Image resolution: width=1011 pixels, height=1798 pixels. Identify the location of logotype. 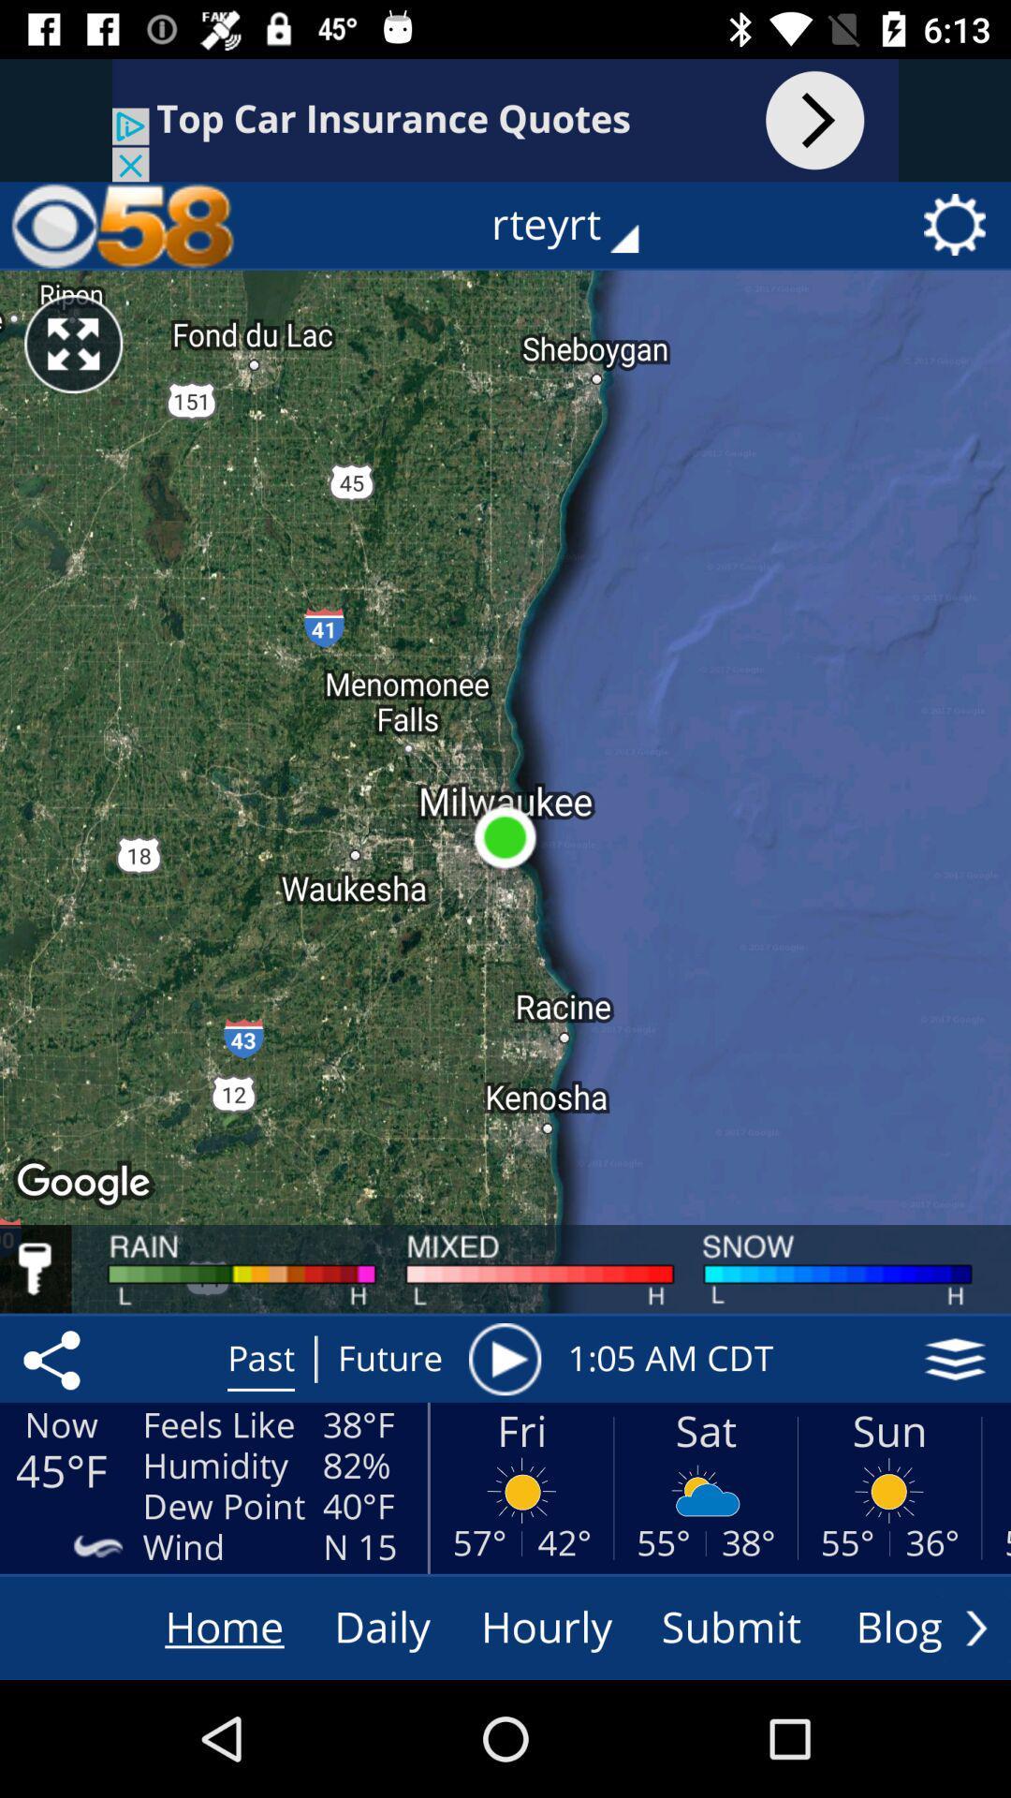
(123, 225).